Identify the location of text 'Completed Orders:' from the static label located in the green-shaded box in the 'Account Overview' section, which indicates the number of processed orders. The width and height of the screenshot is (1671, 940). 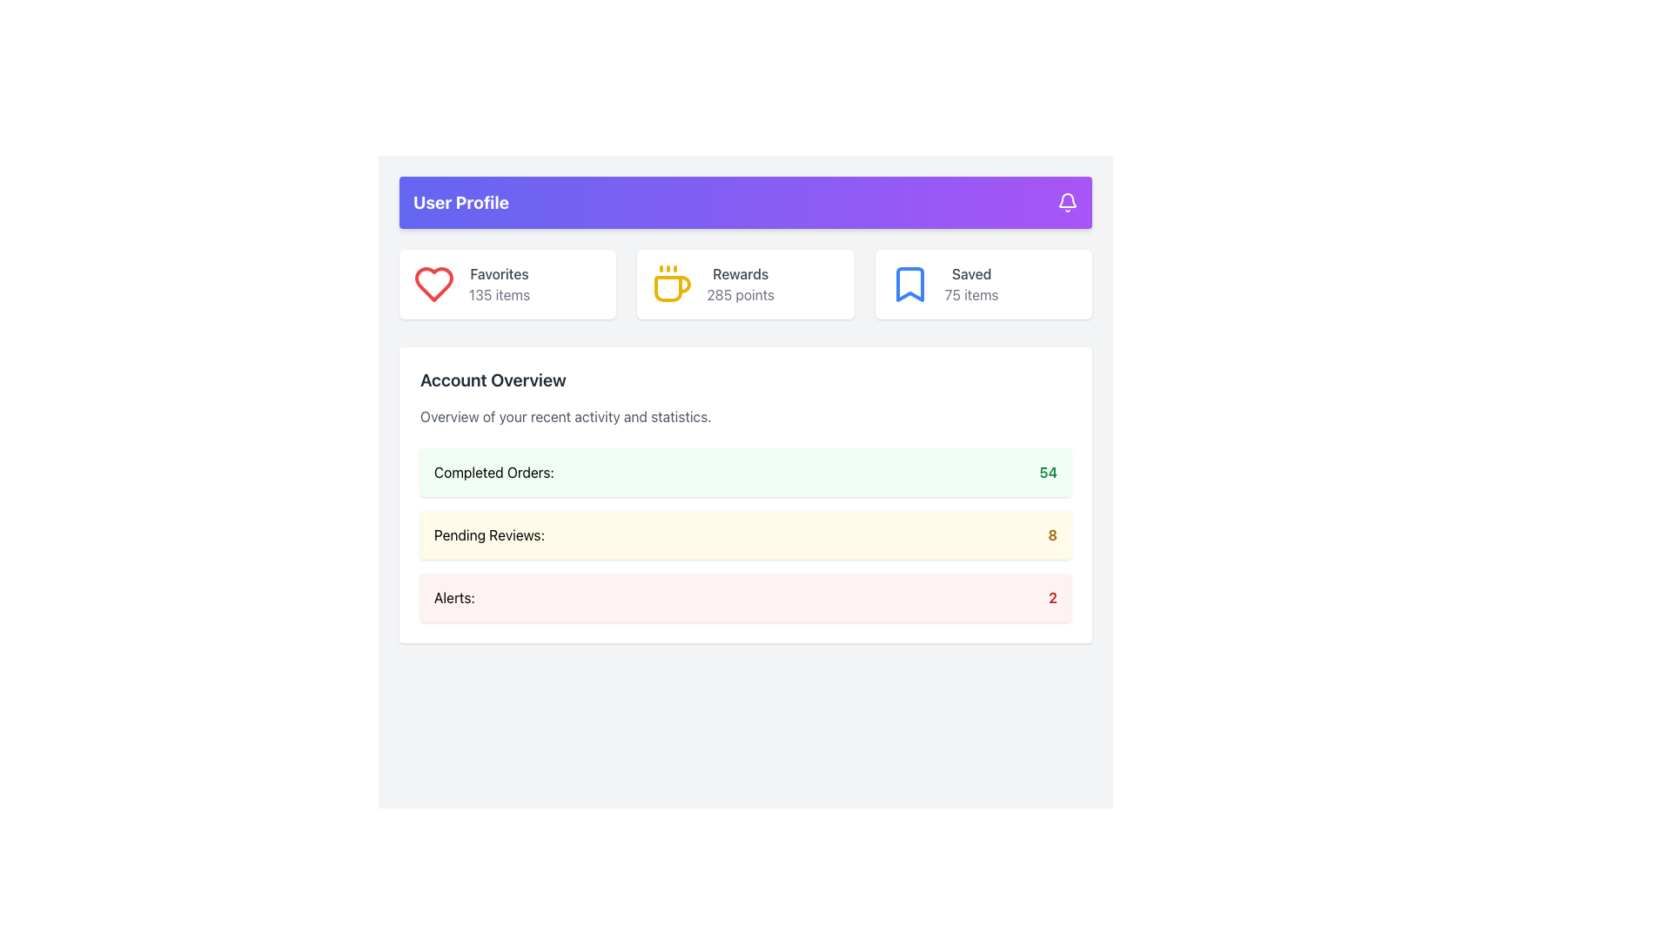
(493, 473).